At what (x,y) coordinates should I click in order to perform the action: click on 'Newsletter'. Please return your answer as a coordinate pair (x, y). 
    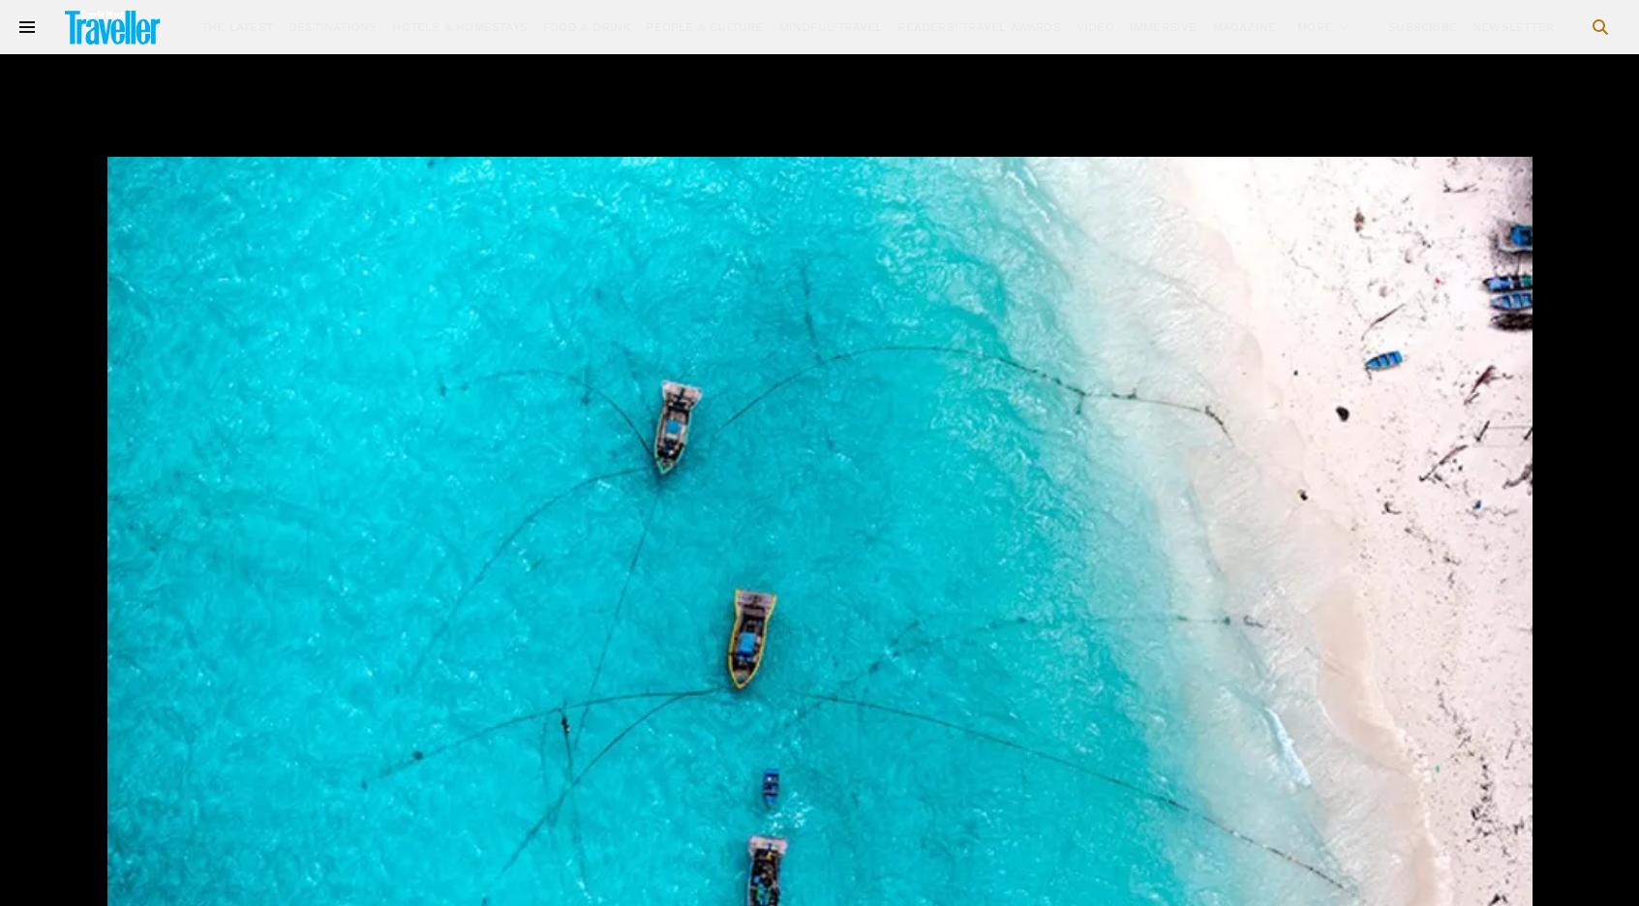
    Looking at the image, I should click on (1512, 25).